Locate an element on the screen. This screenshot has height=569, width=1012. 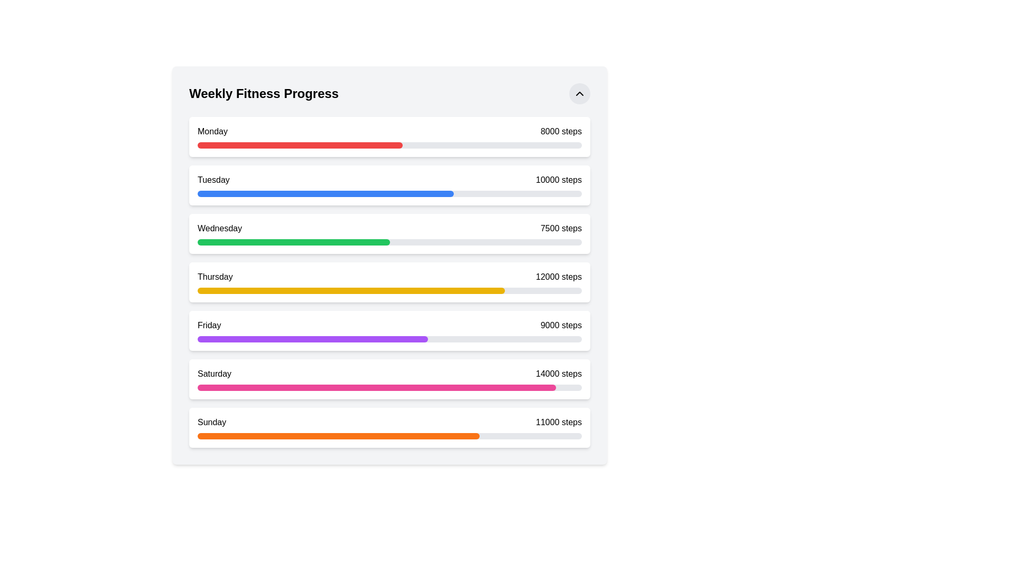
the progress bar representing the 'Sunday' entry in the 'Weekly Fitness Progress' table, which is a light gray rectangular bar with an orange filled portion extending to approximately 73% of the total width is located at coordinates (389, 436).